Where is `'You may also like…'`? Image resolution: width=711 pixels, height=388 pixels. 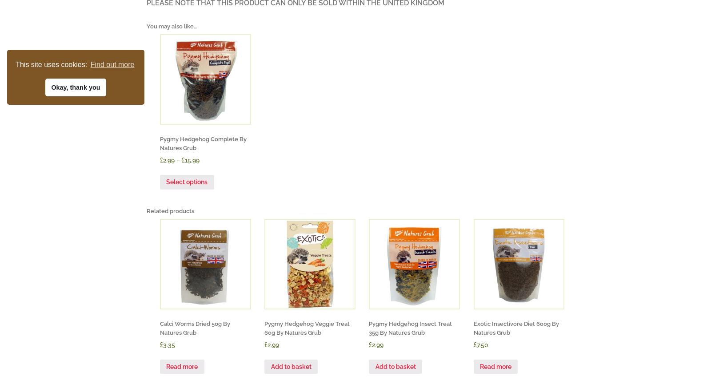 'You may also like…' is located at coordinates (172, 25).